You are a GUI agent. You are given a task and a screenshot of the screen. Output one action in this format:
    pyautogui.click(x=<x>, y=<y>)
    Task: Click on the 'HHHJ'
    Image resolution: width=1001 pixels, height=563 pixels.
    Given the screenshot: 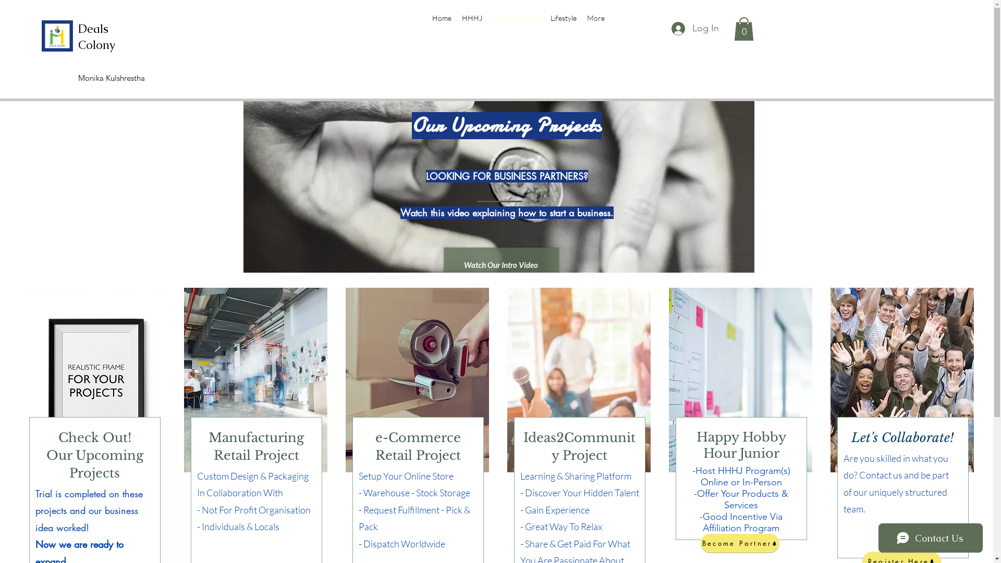 What is the action you would take?
    pyautogui.click(x=471, y=18)
    